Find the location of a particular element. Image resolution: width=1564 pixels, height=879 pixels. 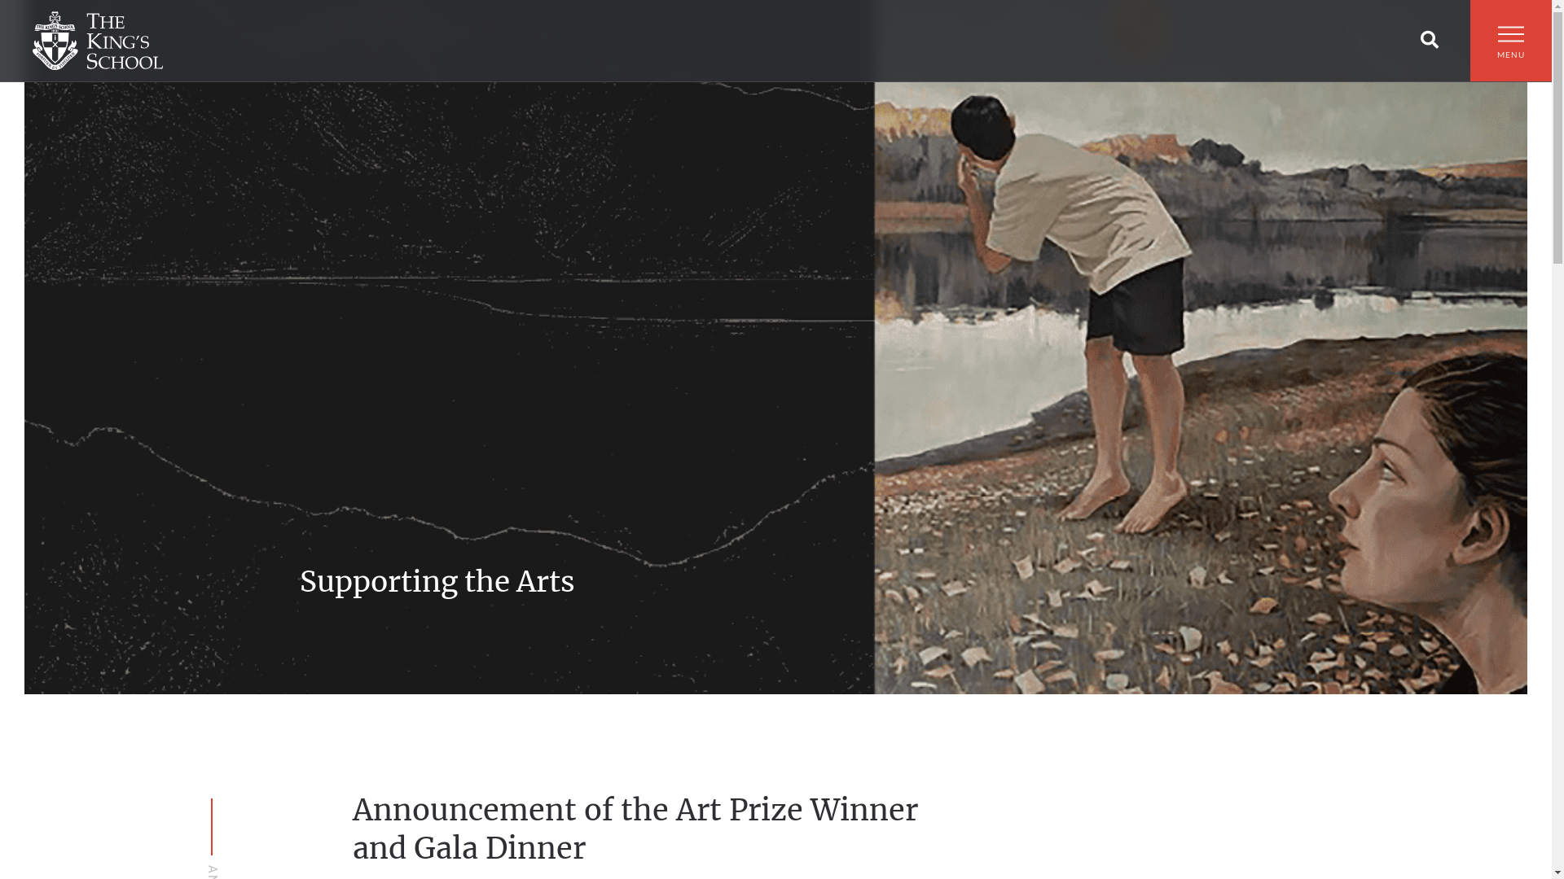

'MENU' is located at coordinates (1509, 49).